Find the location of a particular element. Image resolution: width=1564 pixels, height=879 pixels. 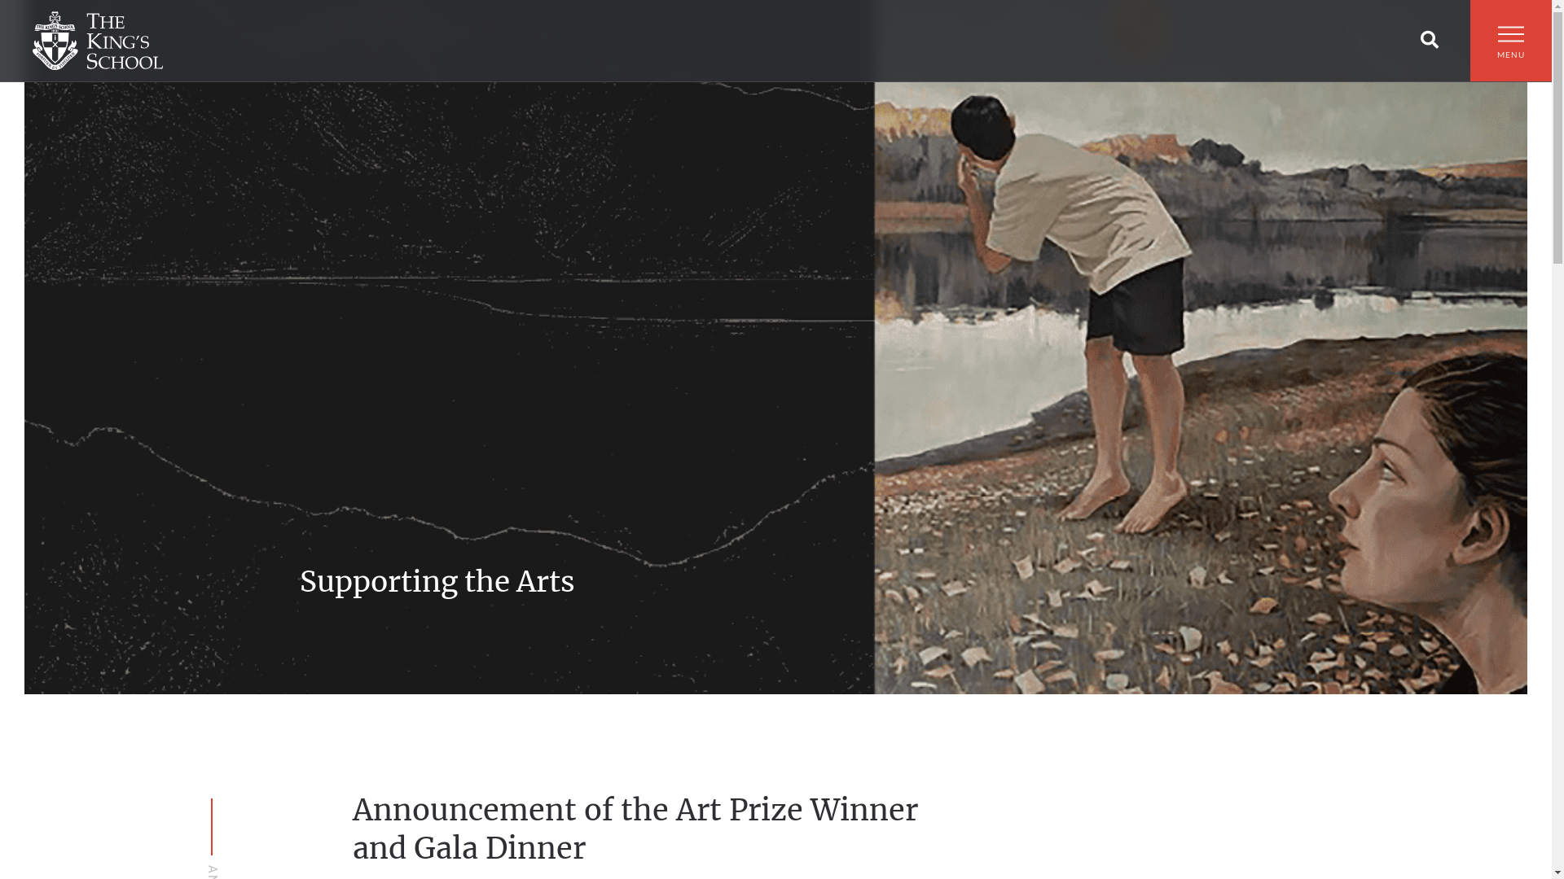

'MENU' is located at coordinates (1509, 49).